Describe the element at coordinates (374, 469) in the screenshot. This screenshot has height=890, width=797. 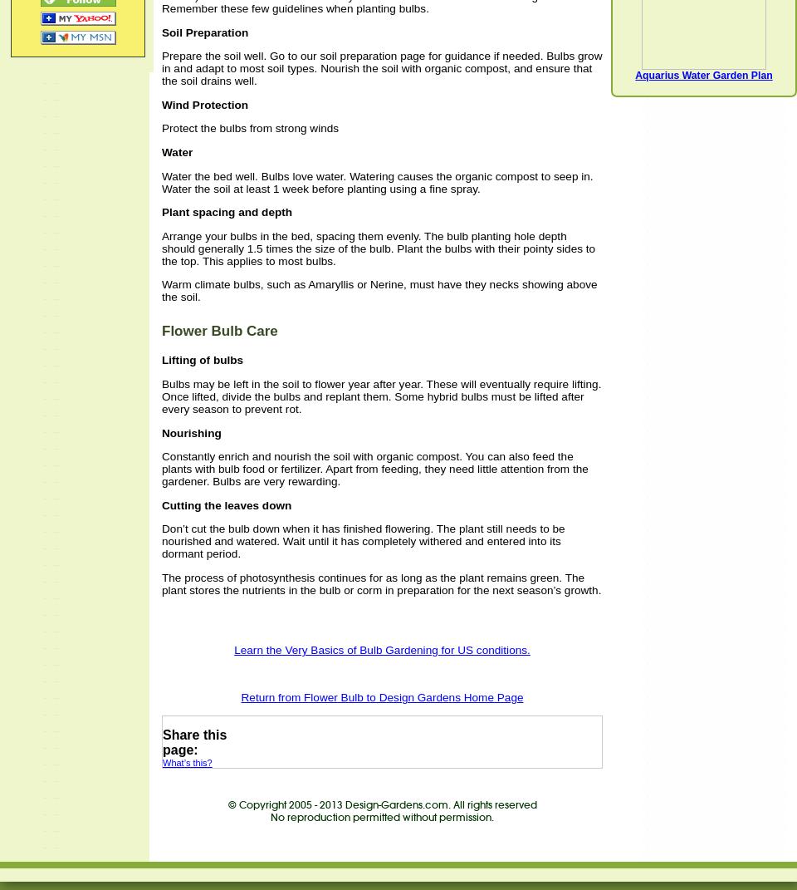
I see `'Constantly enrich and nourish the soil with organic compost. You can also feed the plants with bulb food or fertilizer. Apart from feeding, they need little attention from the gardener. Bulbs are very rewarding.'` at that location.